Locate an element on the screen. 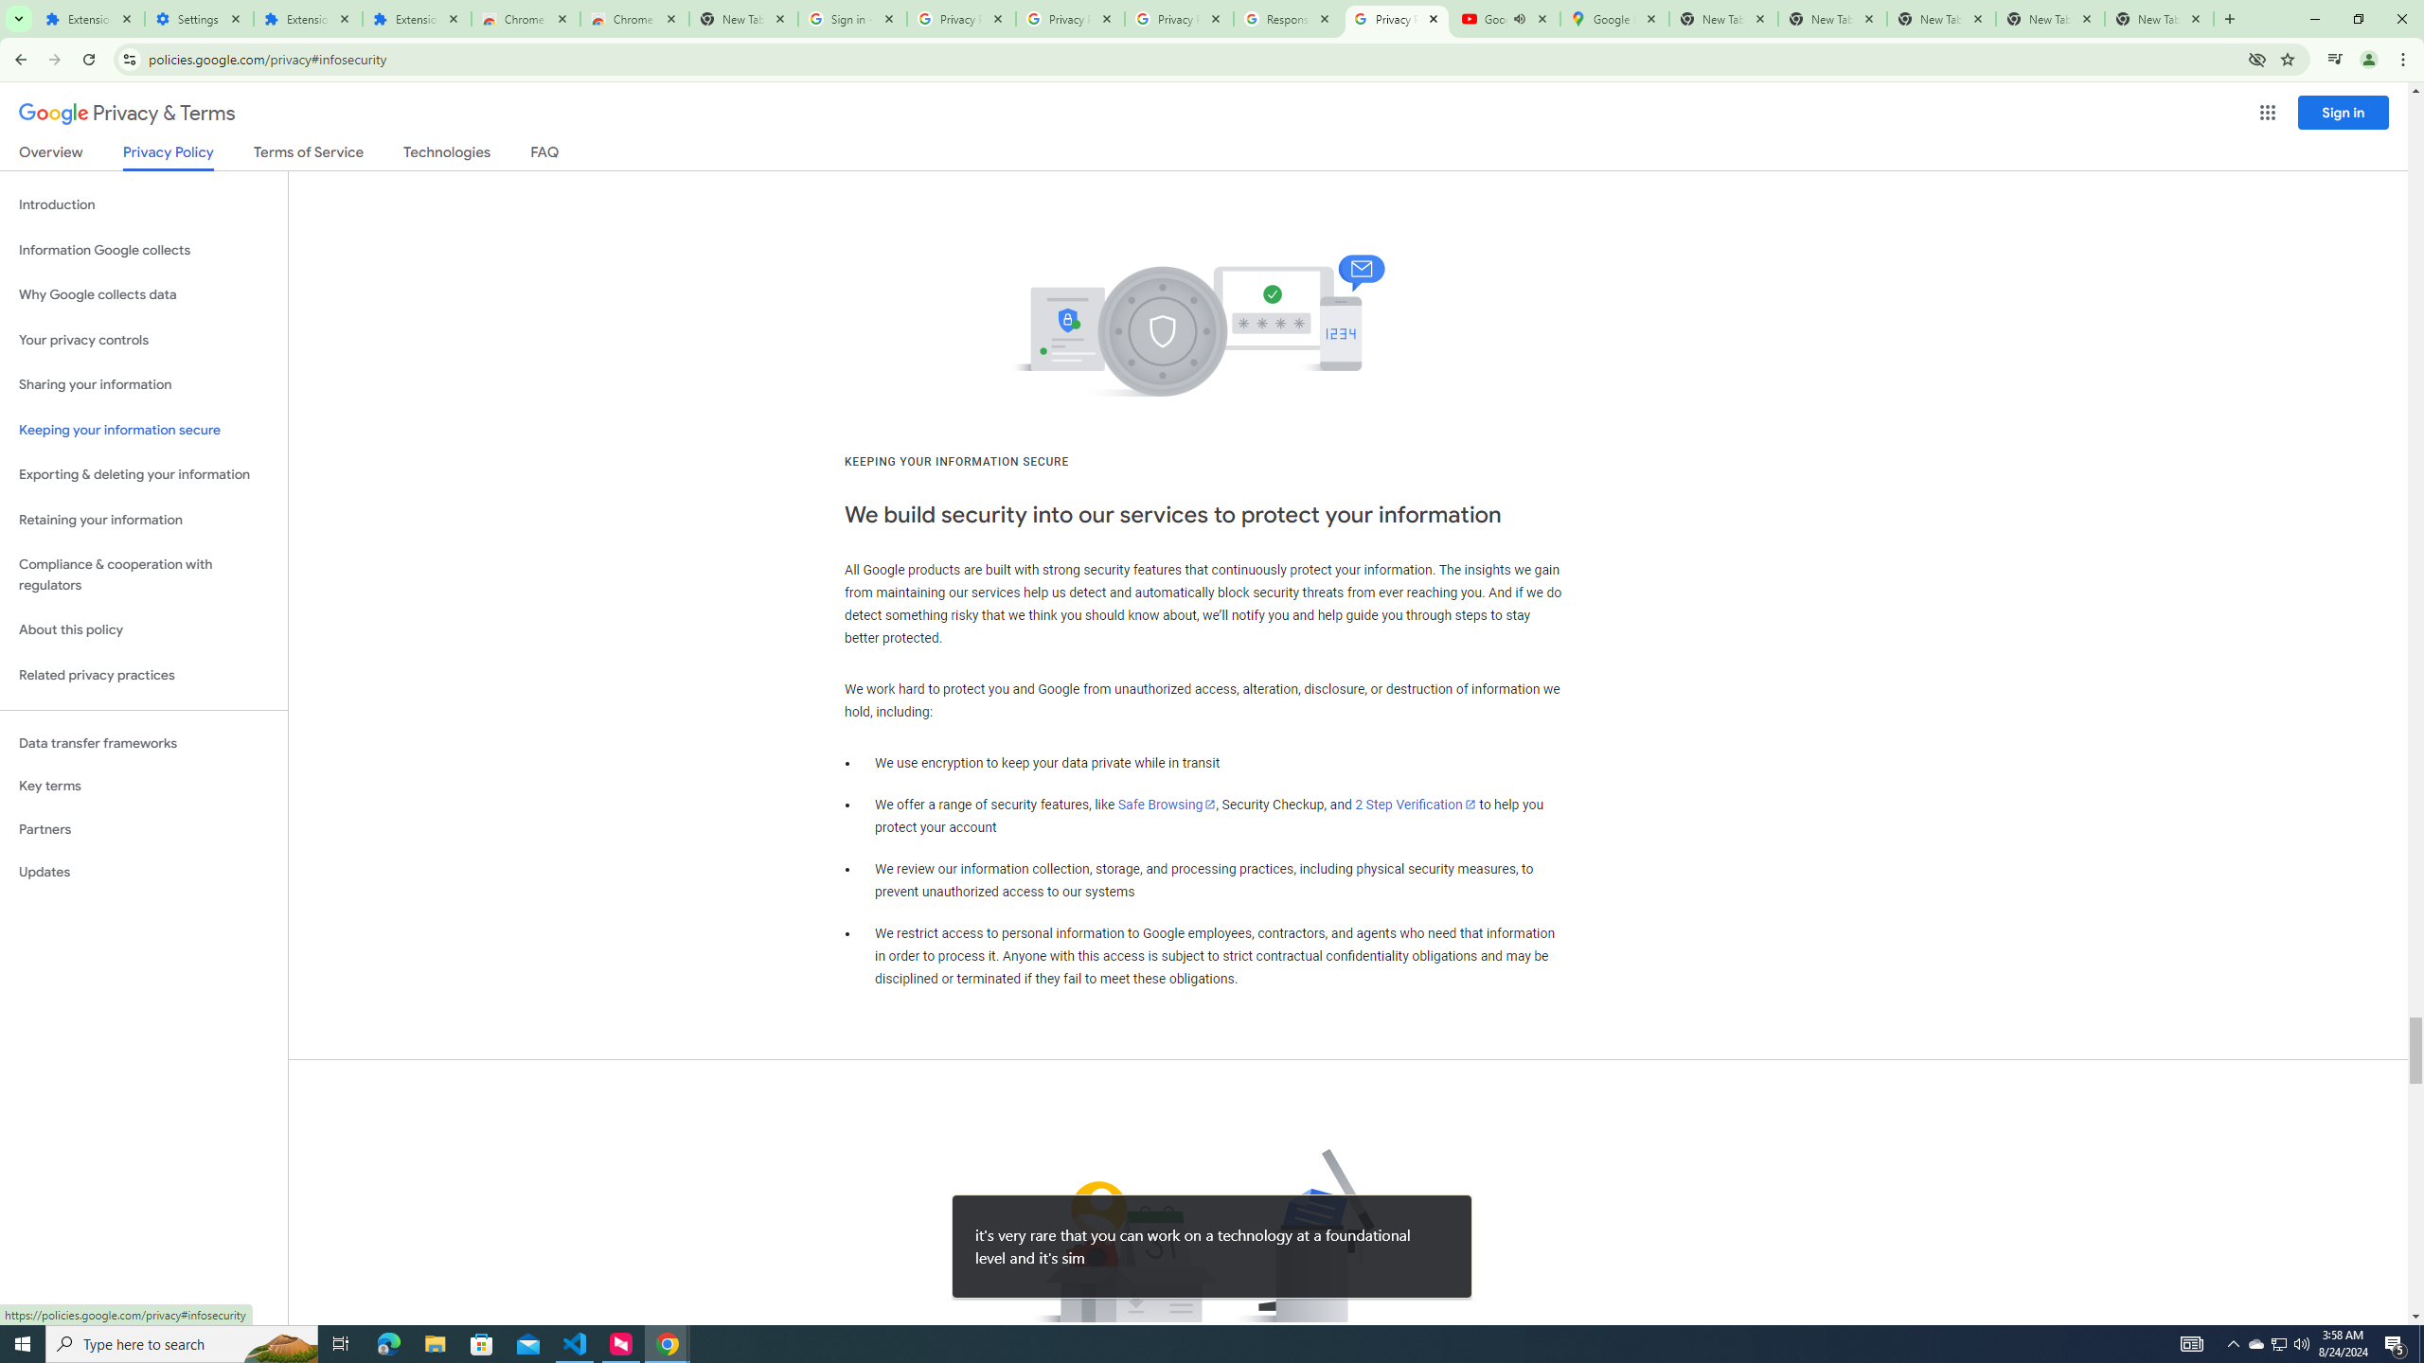 The height and width of the screenshot is (1363, 2424). '2 Step Verification' is located at coordinates (1416, 805).